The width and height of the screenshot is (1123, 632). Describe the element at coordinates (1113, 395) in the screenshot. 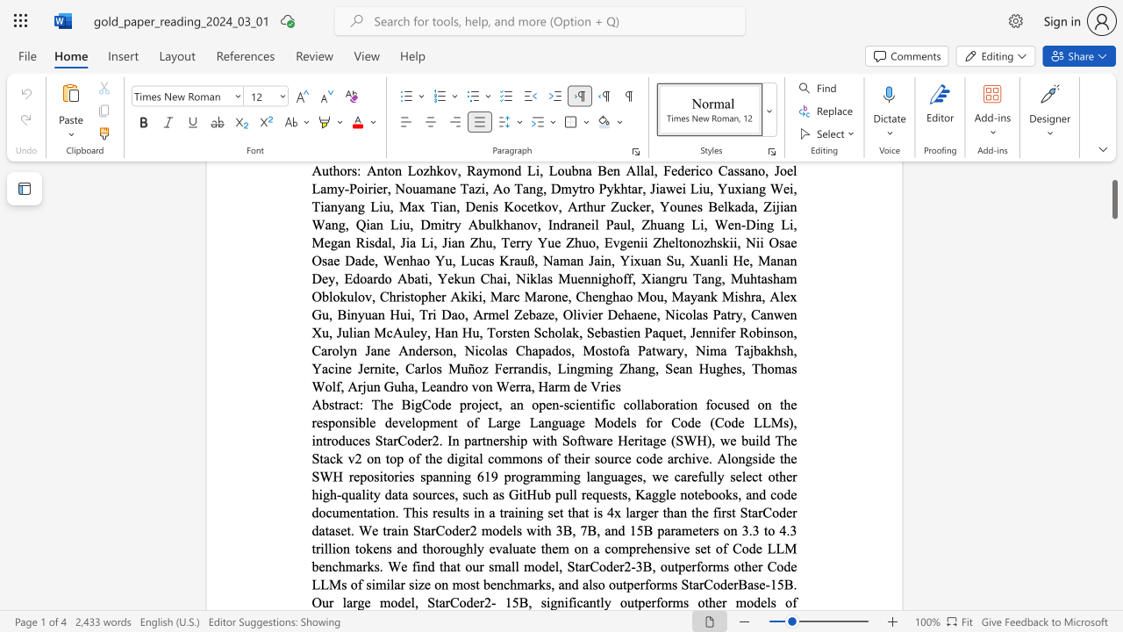

I see `the scrollbar on the right to move the page downward` at that location.